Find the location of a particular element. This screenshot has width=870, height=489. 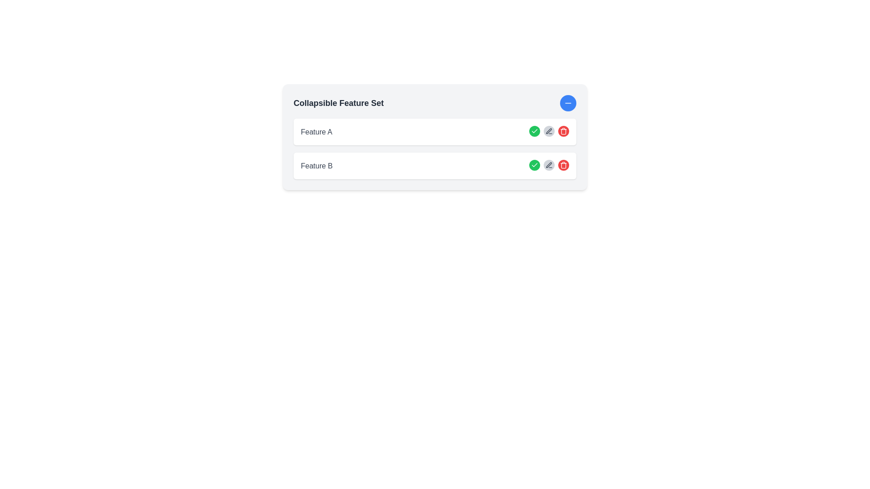

the circular icon with a green background and white check mark, located next to the 'Feature B' label, to confirm the action is located at coordinates (535, 131).